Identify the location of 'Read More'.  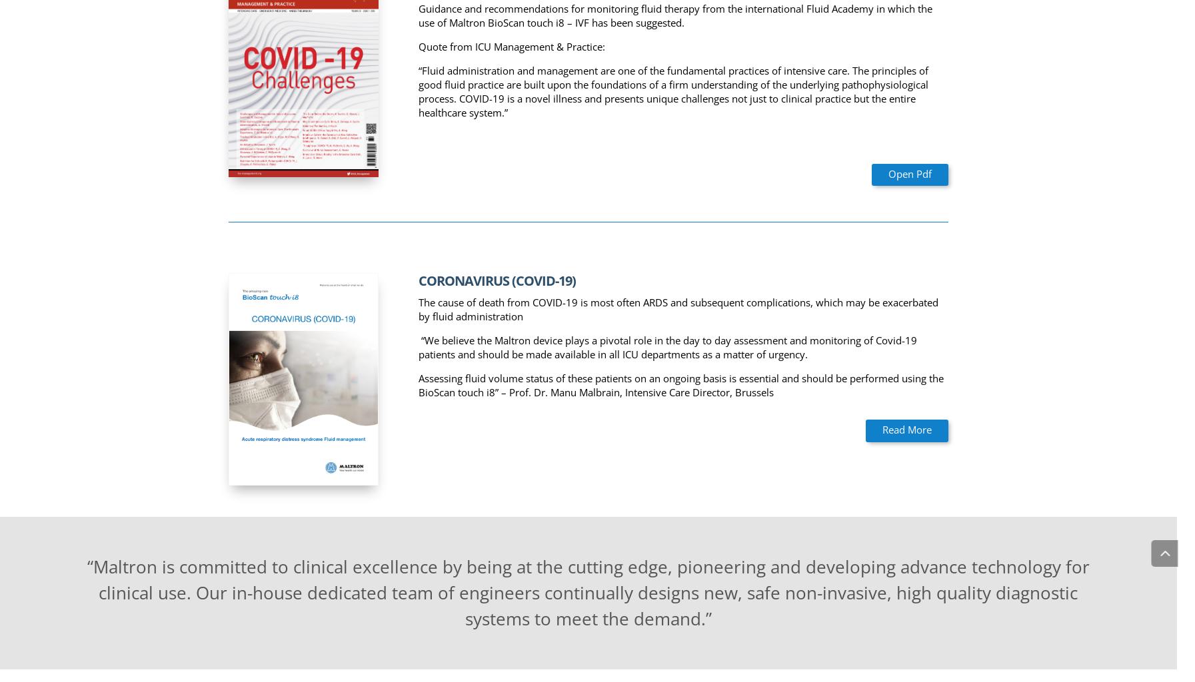
(882, 429).